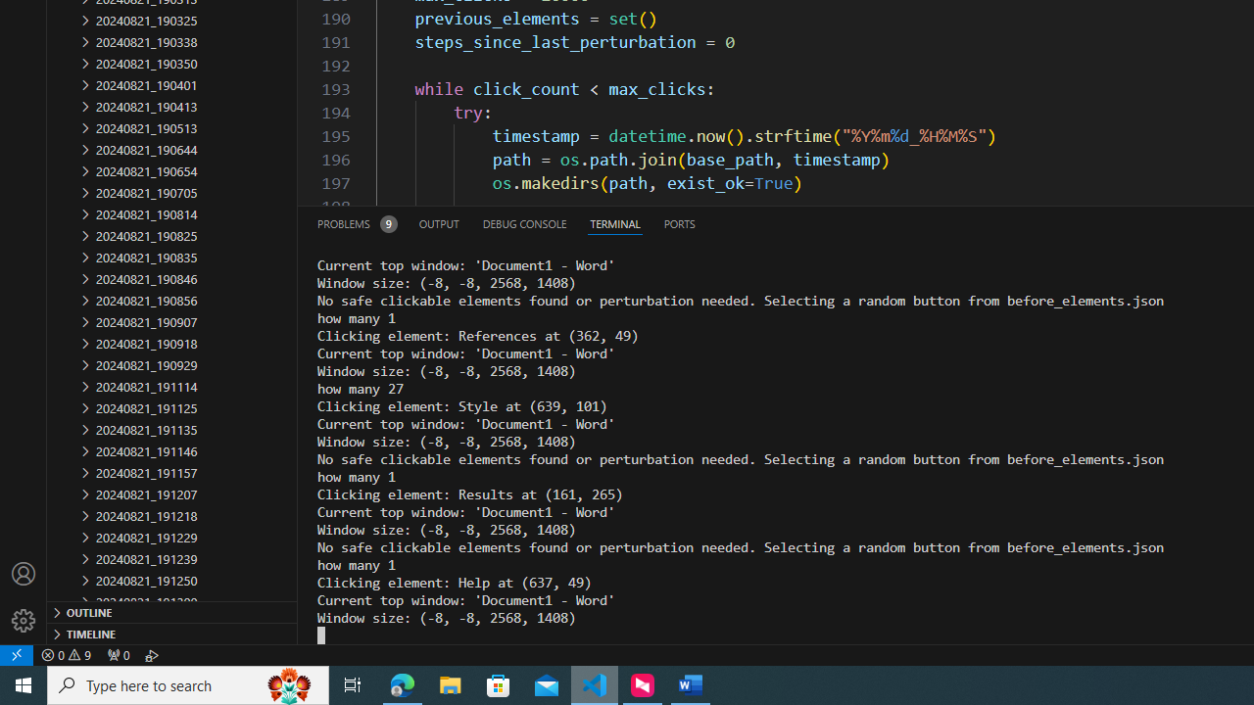  I want to click on 'Timeline Section', so click(172, 633).